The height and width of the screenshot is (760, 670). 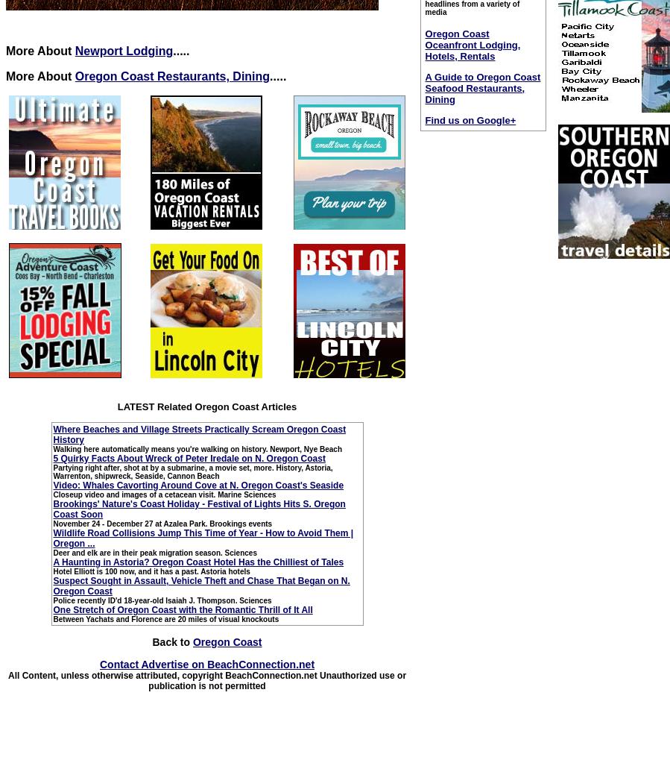 I want to click on 'Oregon Coast', so click(x=192, y=641).